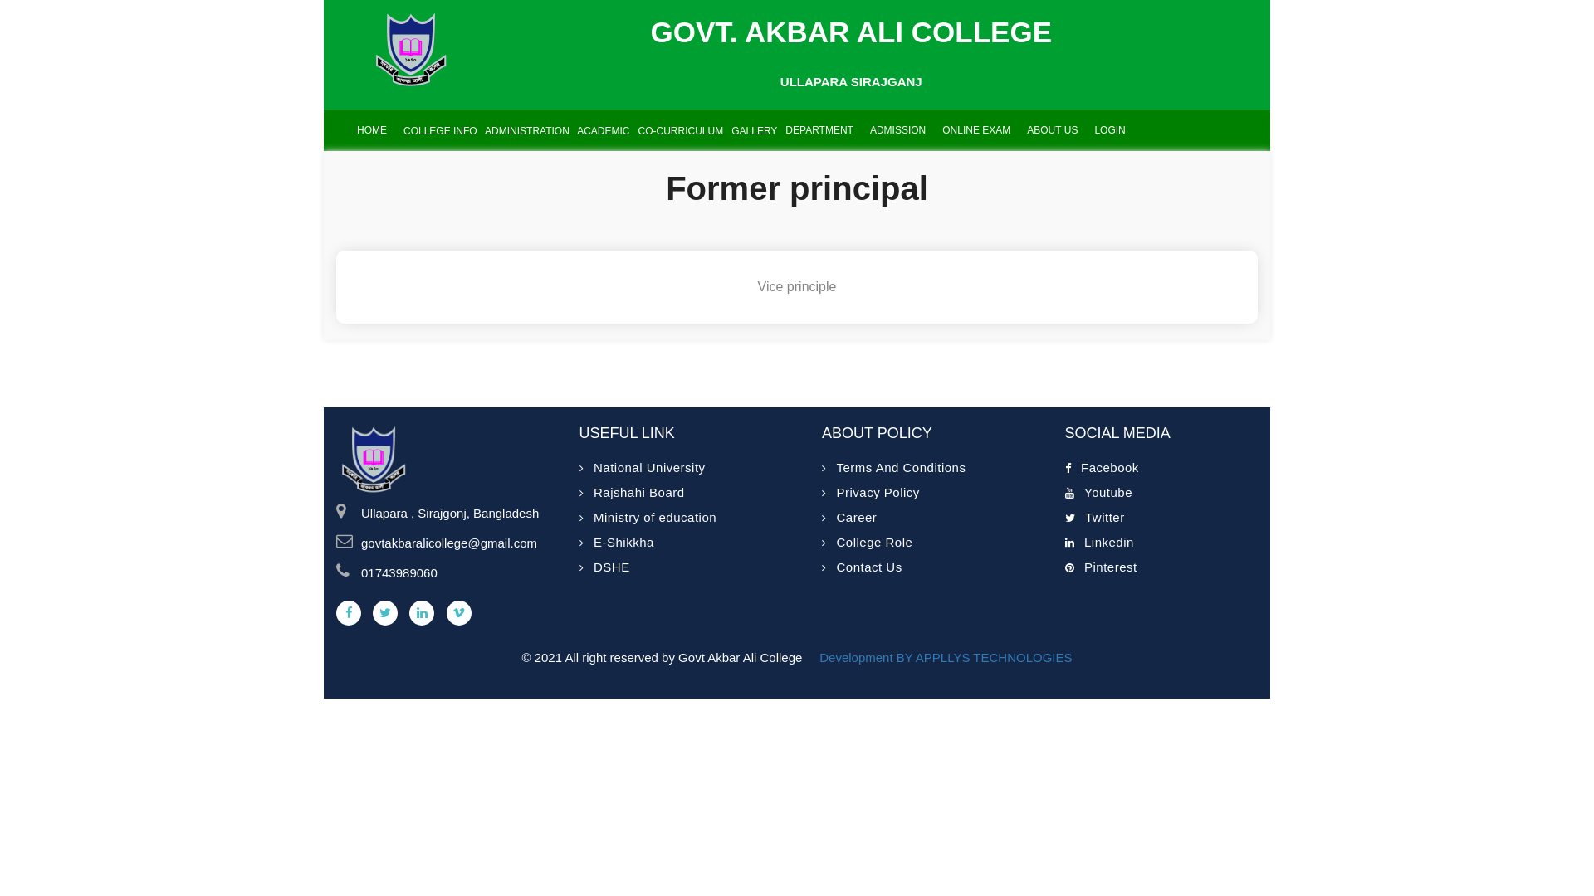  Describe the element at coordinates (436, 129) in the screenshot. I see `'   COLLEGE INFO'` at that location.